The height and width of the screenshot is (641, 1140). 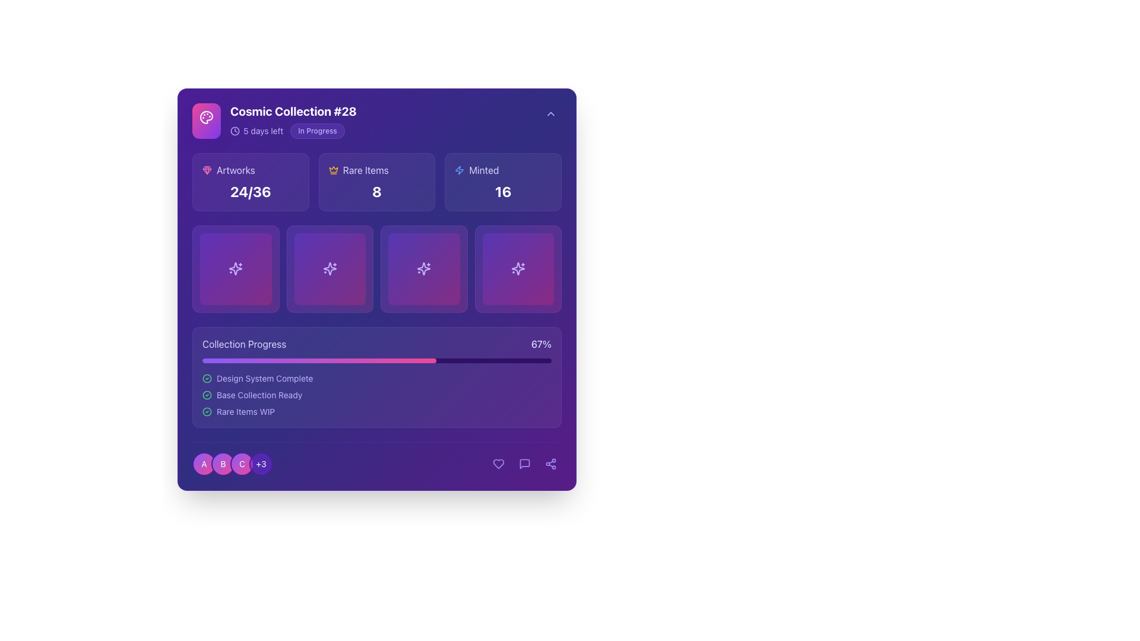 I want to click on the static text displaying '67%' in bold violet font, located in the 'Collection Progress' section, so click(x=541, y=344).